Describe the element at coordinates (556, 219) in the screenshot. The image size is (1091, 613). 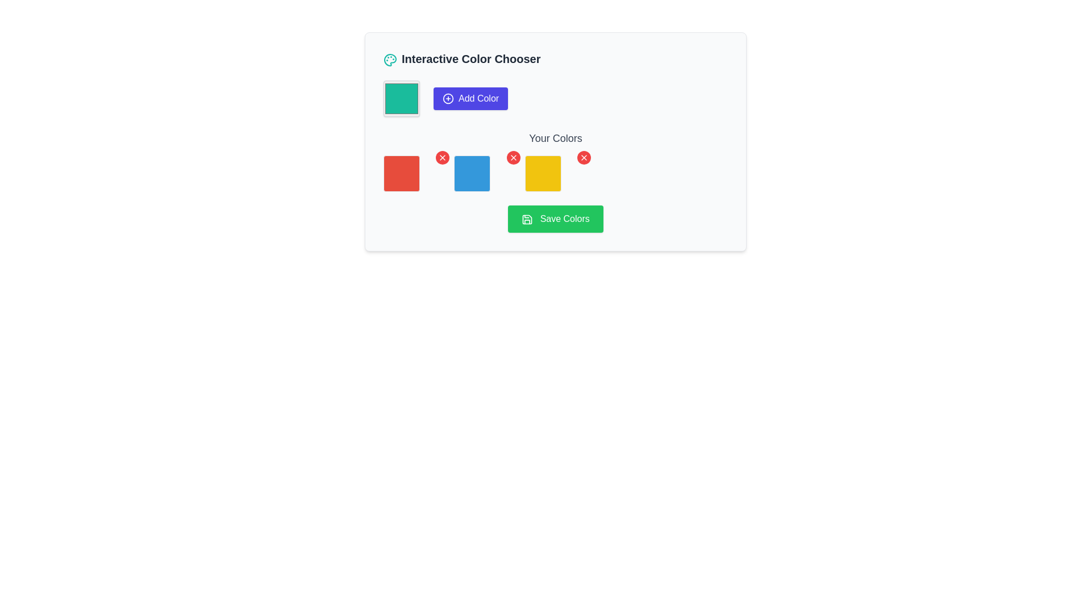
I see `the 'Save Colors' button located at the bottom center of the 'Interactive Color Chooser' section` at that location.